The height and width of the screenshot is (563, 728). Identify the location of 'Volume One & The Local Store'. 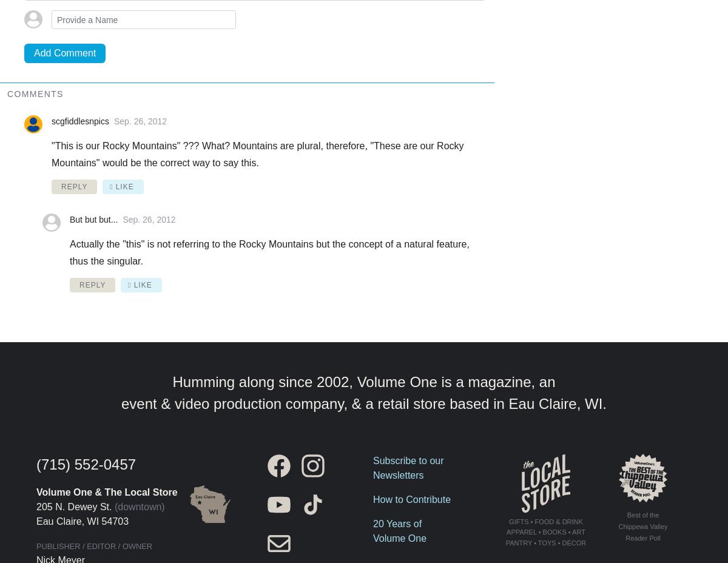
(106, 491).